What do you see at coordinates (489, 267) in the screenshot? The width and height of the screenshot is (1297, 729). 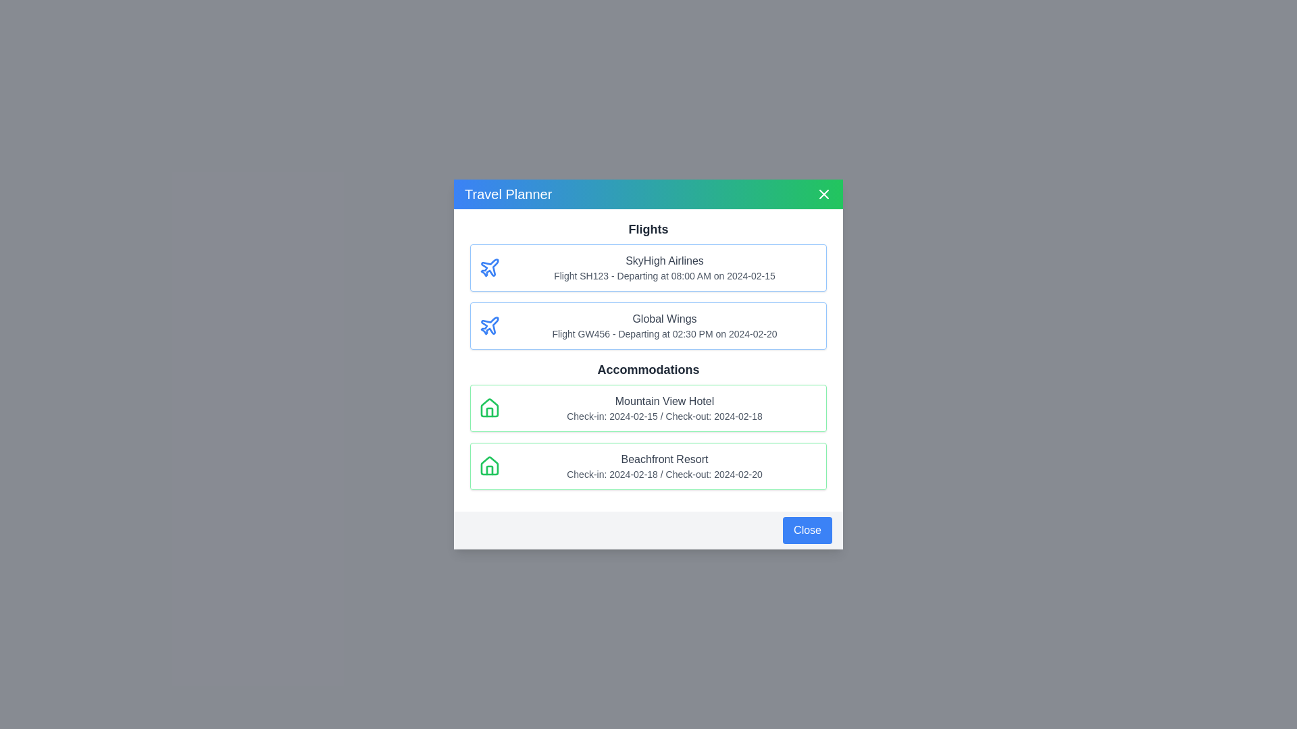 I see `the stylized blue airplane icon that is the second item in the 'Flights' section of the 'Travel Planner' window` at bounding box center [489, 267].